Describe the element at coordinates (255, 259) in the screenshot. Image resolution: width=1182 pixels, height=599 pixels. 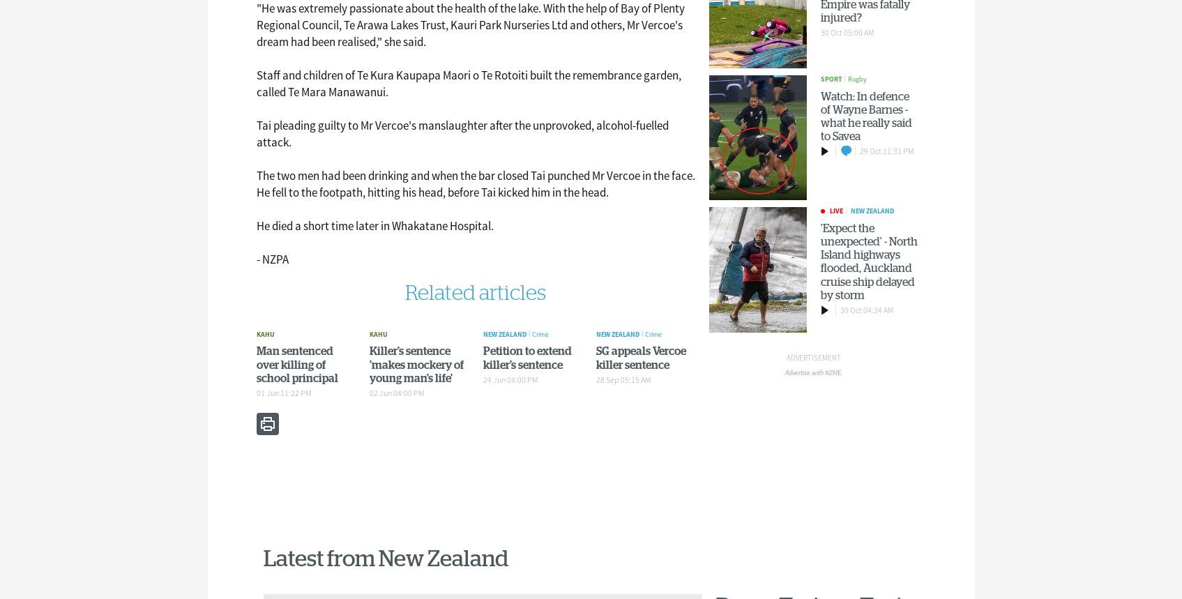
I see `'- NZPA'` at that location.